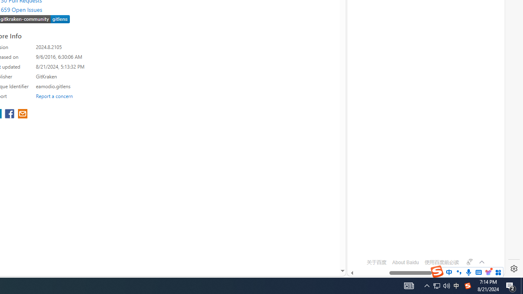  Describe the element at coordinates (405, 262) in the screenshot. I see `'About Baidu'` at that location.